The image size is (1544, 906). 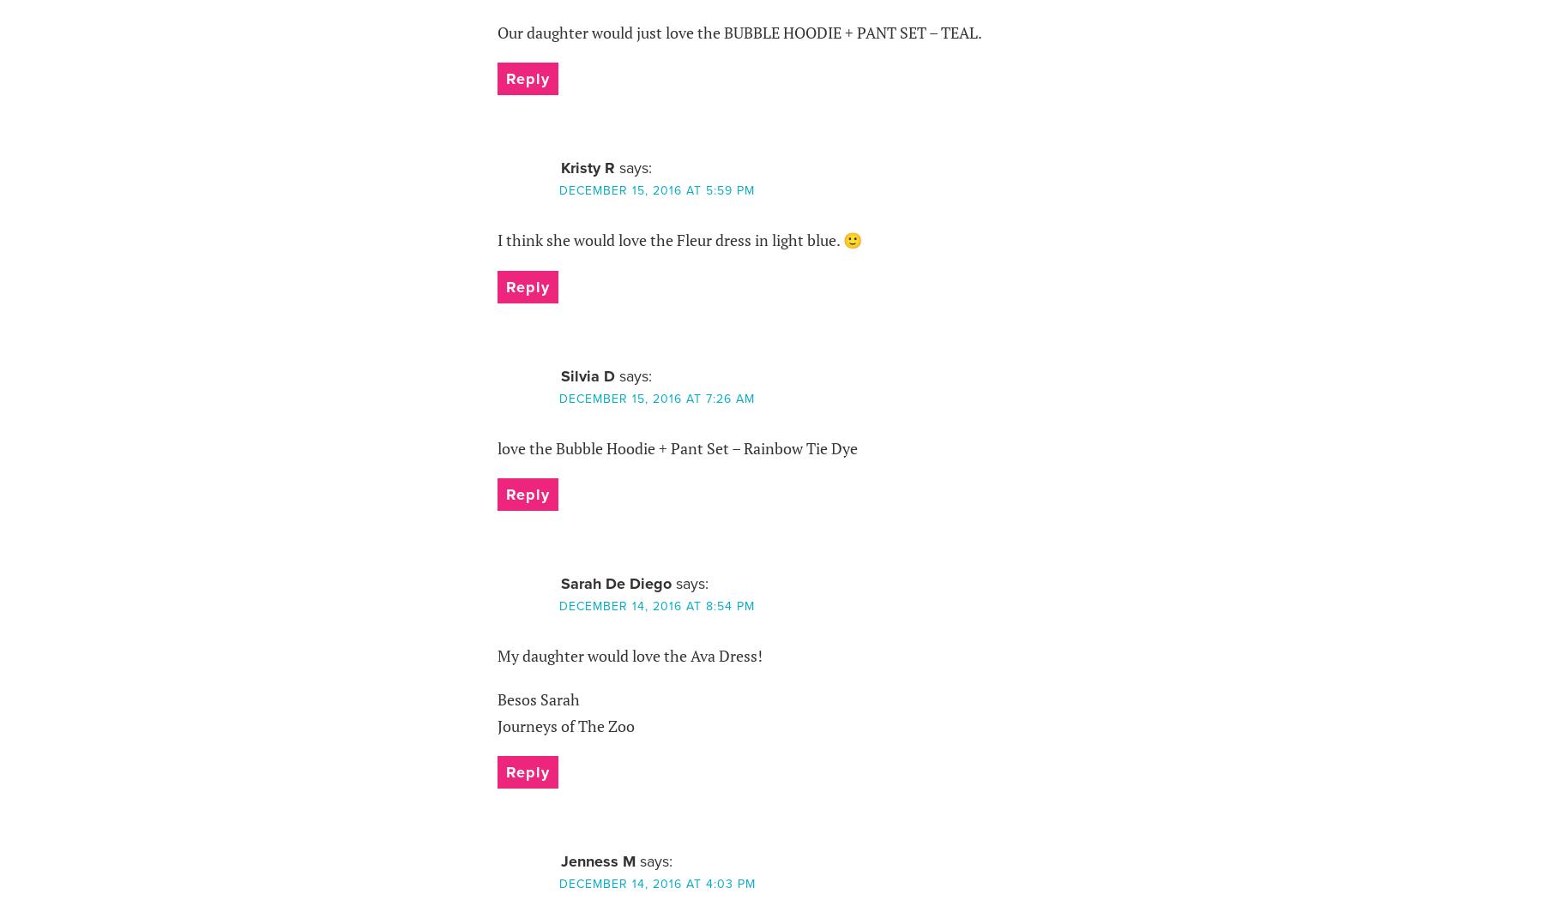 What do you see at coordinates (586, 375) in the screenshot?
I see `'Silvia D'` at bounding box center [586, 375].